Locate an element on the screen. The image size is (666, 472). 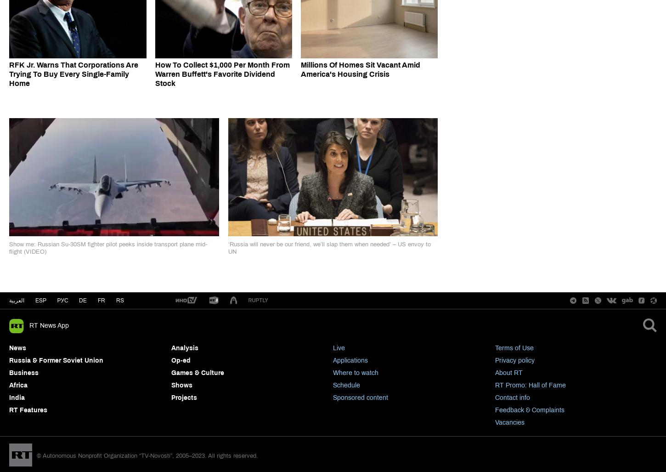
'Millions Of Homes Sit Vacant Amid America's Housing Crisis' is located at coordinates (300, 69).